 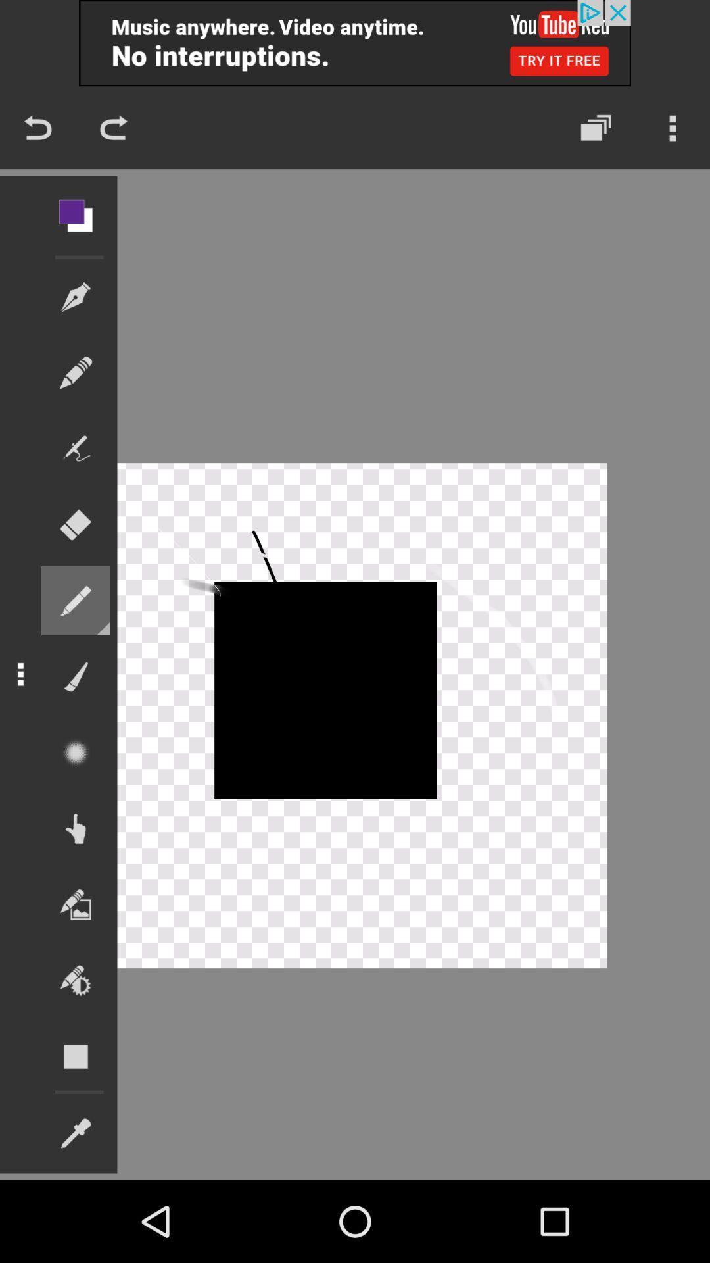 I want to click on the undo icon, so click(x=37, y=128).